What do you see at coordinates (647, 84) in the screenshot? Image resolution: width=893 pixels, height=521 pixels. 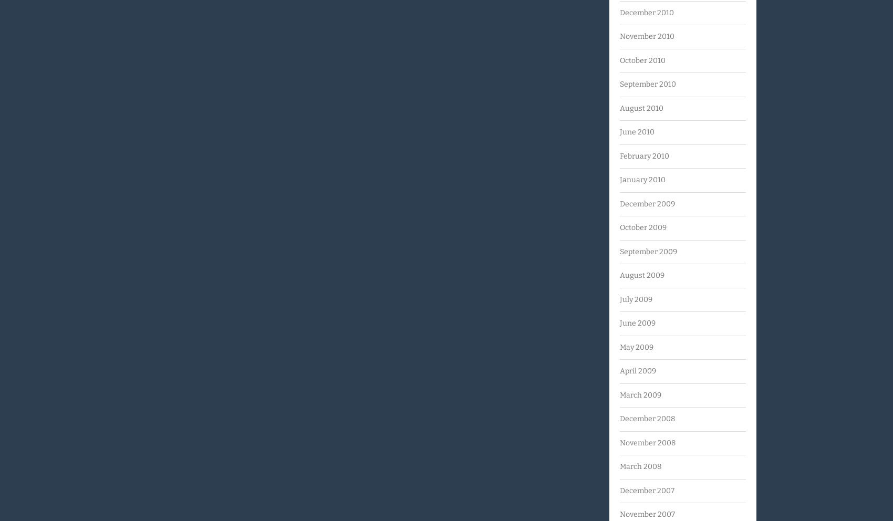 I see `'September 2010'` at bounding box center [647, 84].